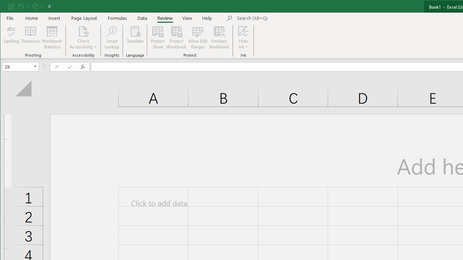 This screenshot has width=463, height=260. I want to click on 'Allow Edit Ranges', so click(198, 38).